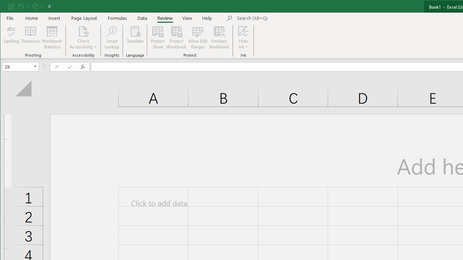 This screenshot has width=463, height=260. I want to click on 'Allow Edit Ranges', so click(198, 38).